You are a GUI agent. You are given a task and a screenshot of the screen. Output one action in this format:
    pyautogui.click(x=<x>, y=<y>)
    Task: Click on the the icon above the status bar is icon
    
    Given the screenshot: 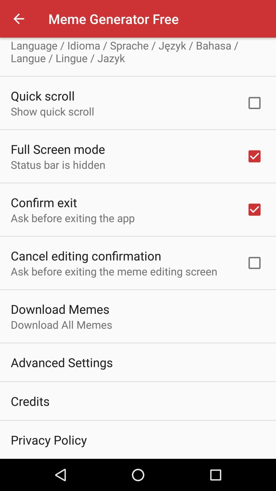 What is the action you would take?
    pyautogui.click(x=57, y=149)
    